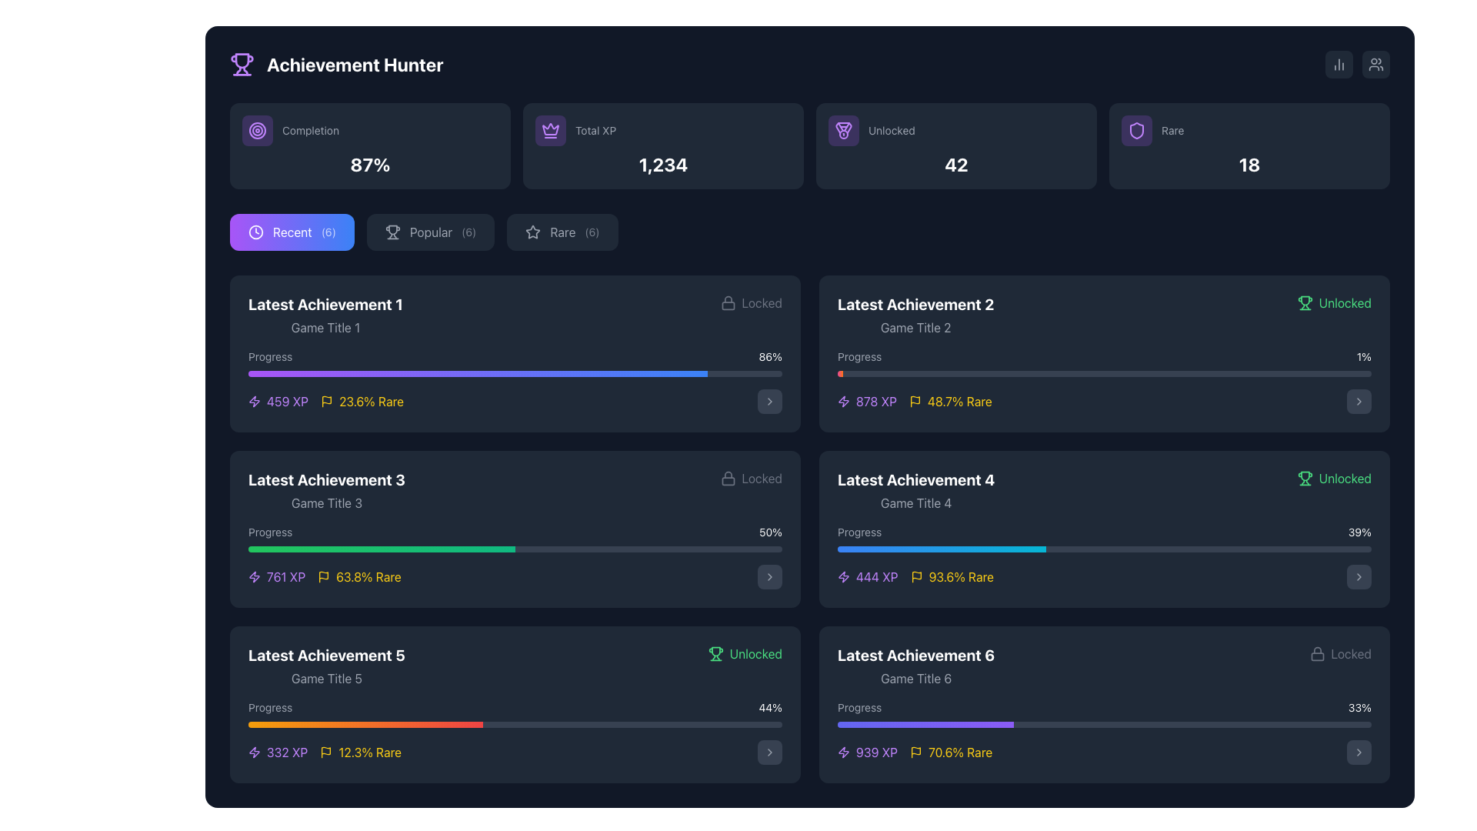 This screenshot has height=831, width=1477. Describe the element at coordinates (325, 666) in the screenshot. I see `the fifth Text Label displaying information about 'Latest Achievement 5' and 'Game Title 5' for further options` at that location.